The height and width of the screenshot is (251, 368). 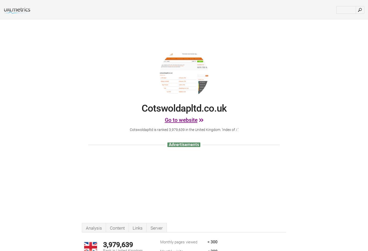 What do you see at coordinates (212, 242) in the screenshot?
I see `'< 300'` at bounding box center [212, 242].